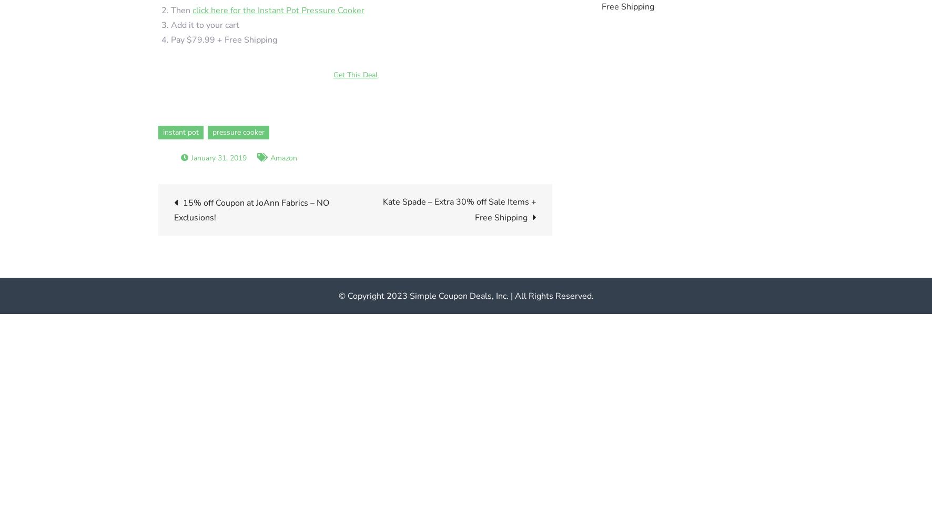 This screenshot has width=932, height=526. I want to click on 'click here for the Instant Pot Pressure Cooker', so click(192, 10).